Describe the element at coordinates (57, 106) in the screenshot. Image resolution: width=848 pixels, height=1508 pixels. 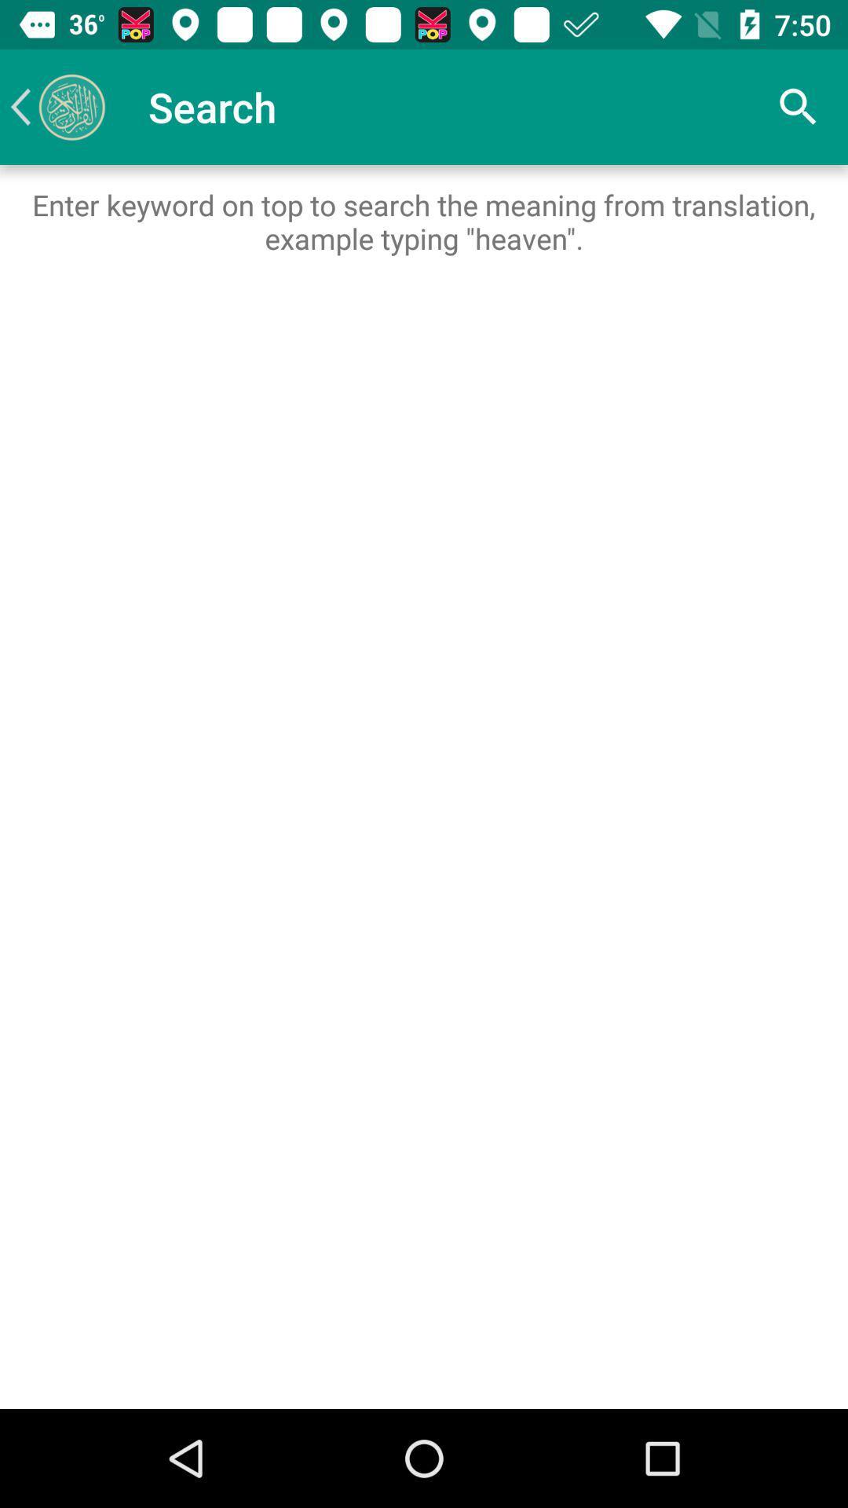
I see `item next to the search icon` at that location.